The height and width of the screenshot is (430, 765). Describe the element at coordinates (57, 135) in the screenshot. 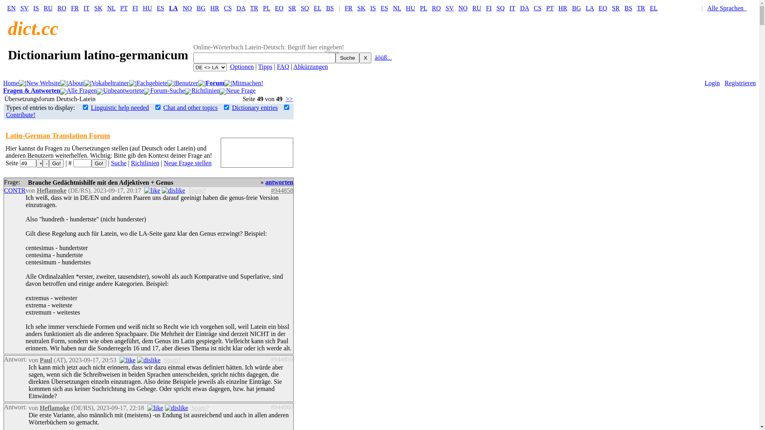

I see `'Latin-German Translation Forum'` at that location.